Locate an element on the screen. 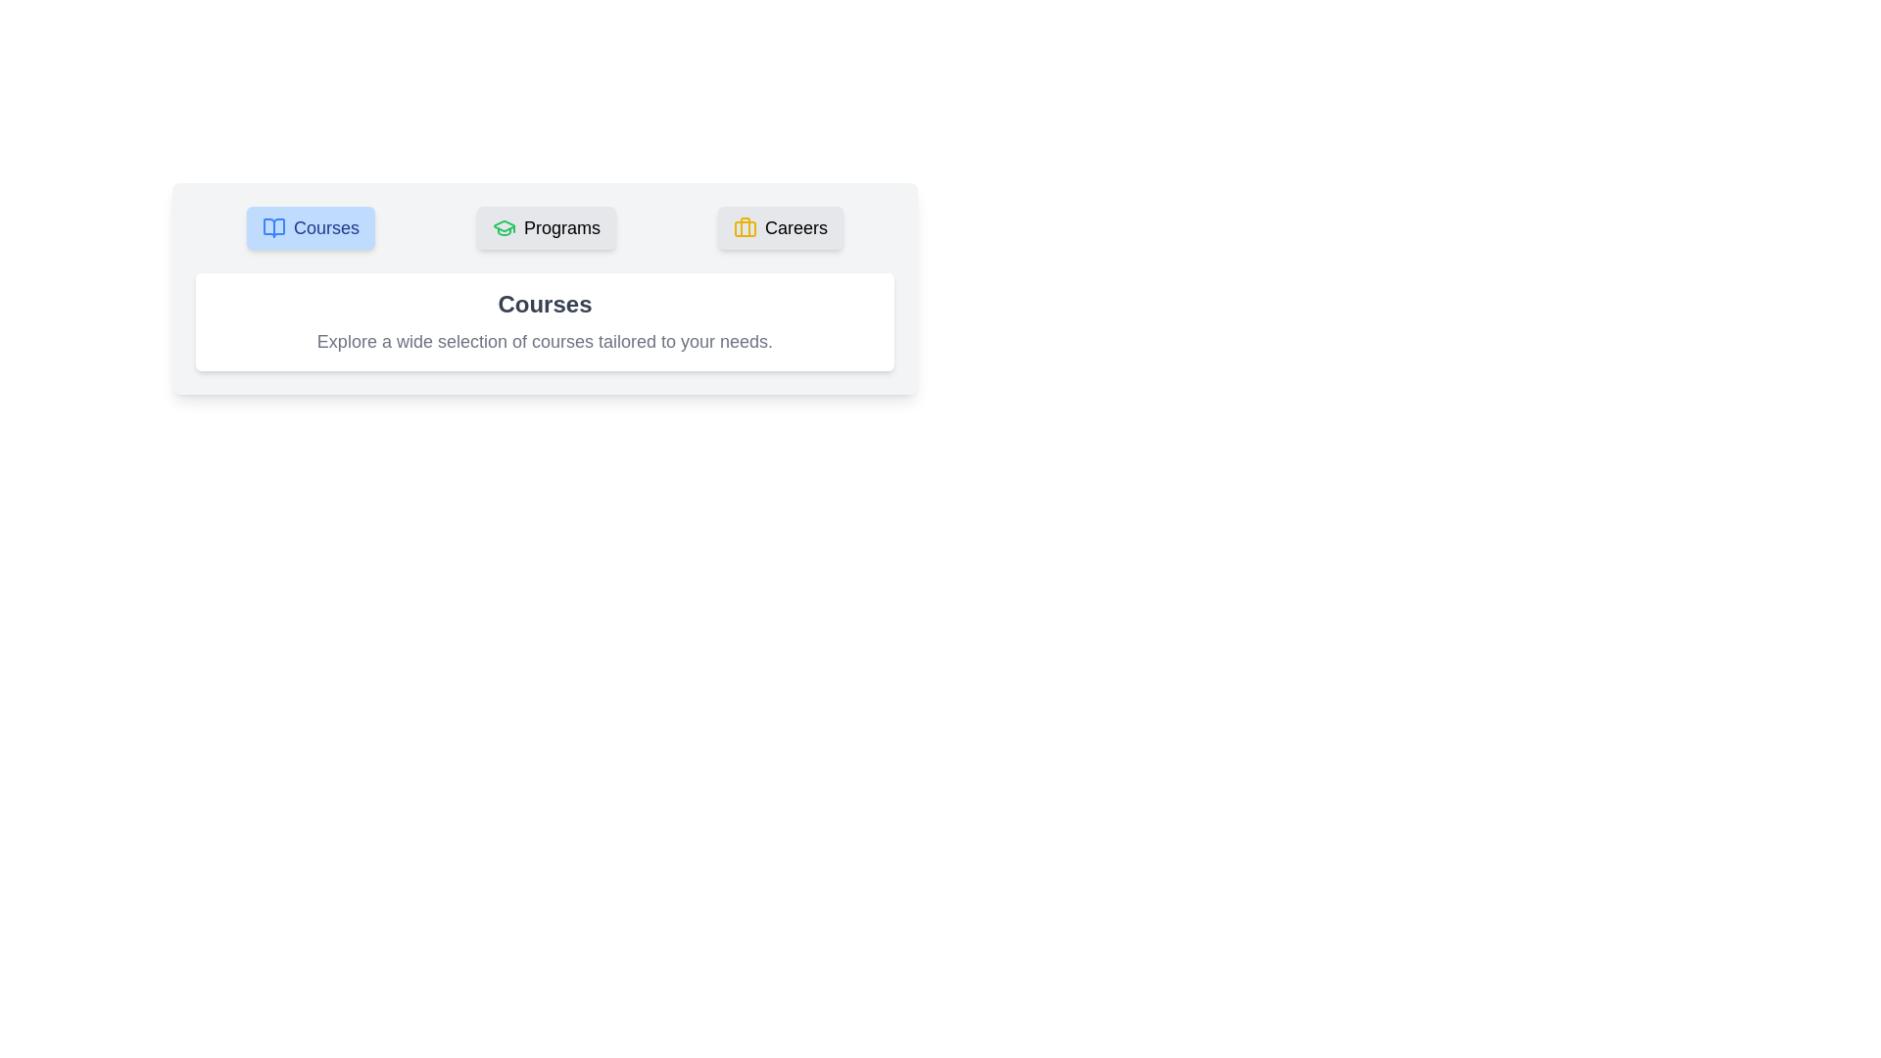  the tab labeled Courses to observe its hover effect is located at coordinates (310, 226).